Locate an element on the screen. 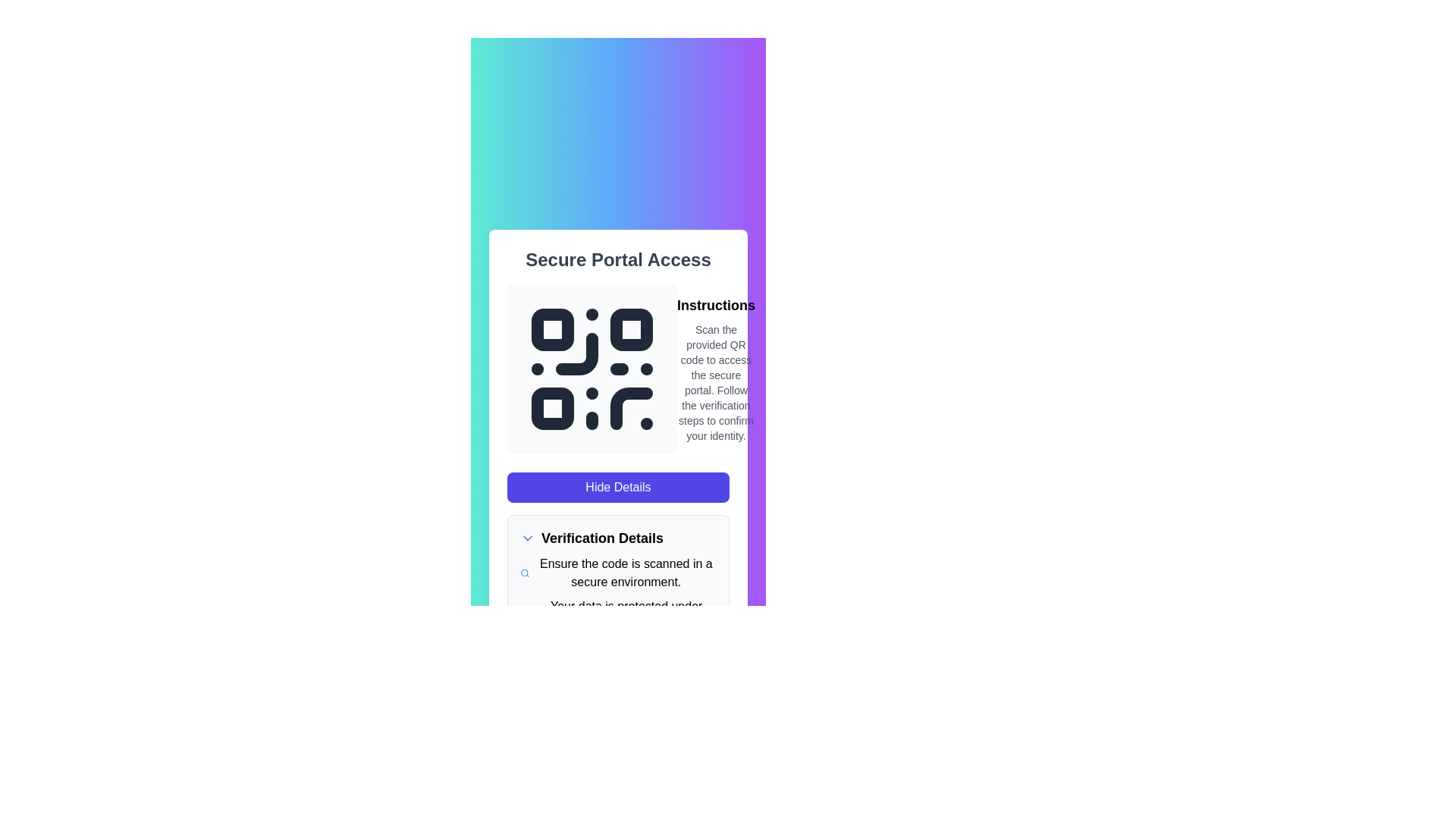  the informative text block that contains the sentences about secure code scanning and data privacy, located in the 'Verification Details' section is located at coordinates (618, 593).